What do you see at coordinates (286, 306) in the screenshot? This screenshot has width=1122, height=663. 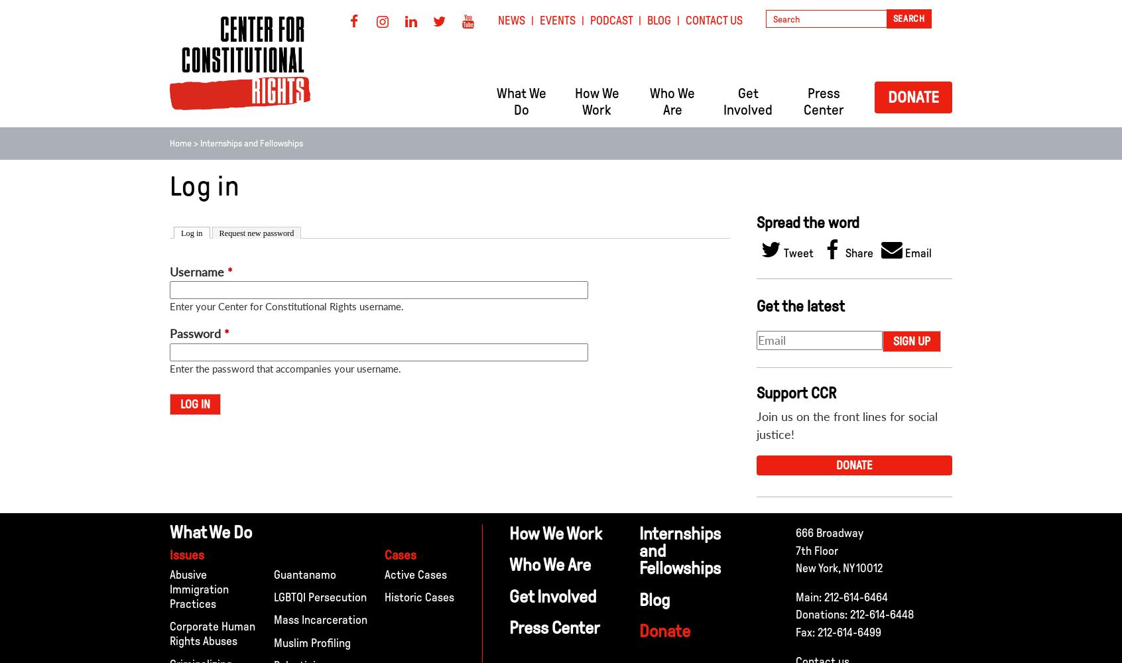 I see `'Enter your Center for Constitutional Rights username.'` at bounding box center [286, 306].